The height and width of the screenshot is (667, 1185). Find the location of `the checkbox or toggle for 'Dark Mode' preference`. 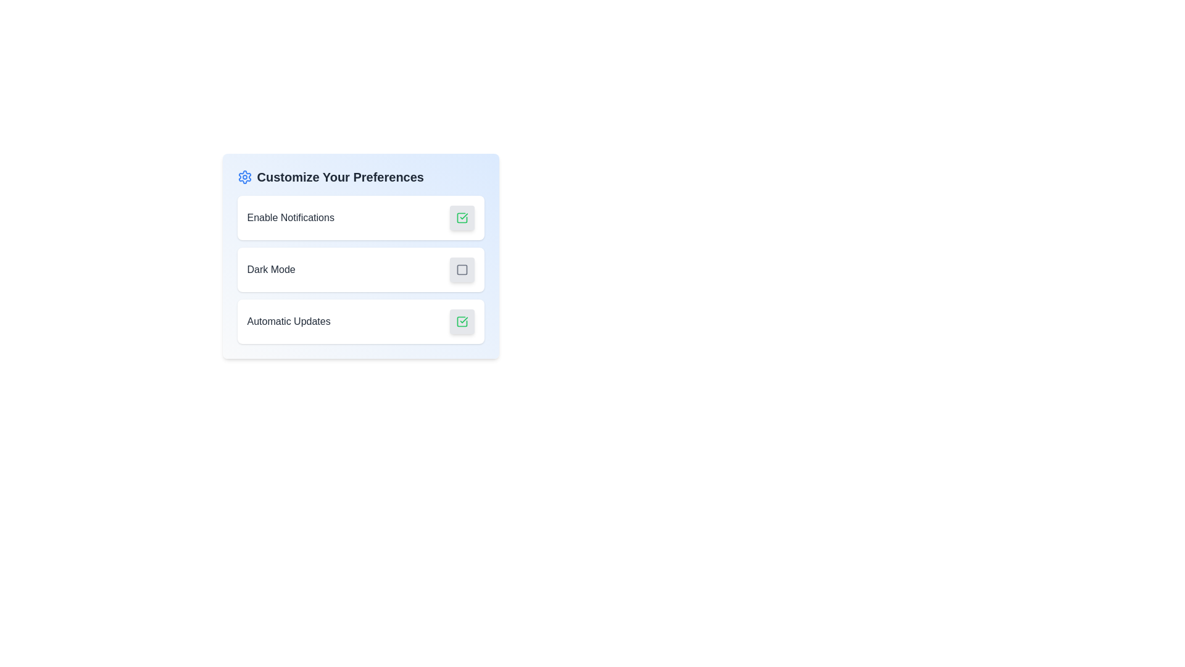

the checkbox or toggle for 'Dark Mode' preference is located at coordinates (461, 269).